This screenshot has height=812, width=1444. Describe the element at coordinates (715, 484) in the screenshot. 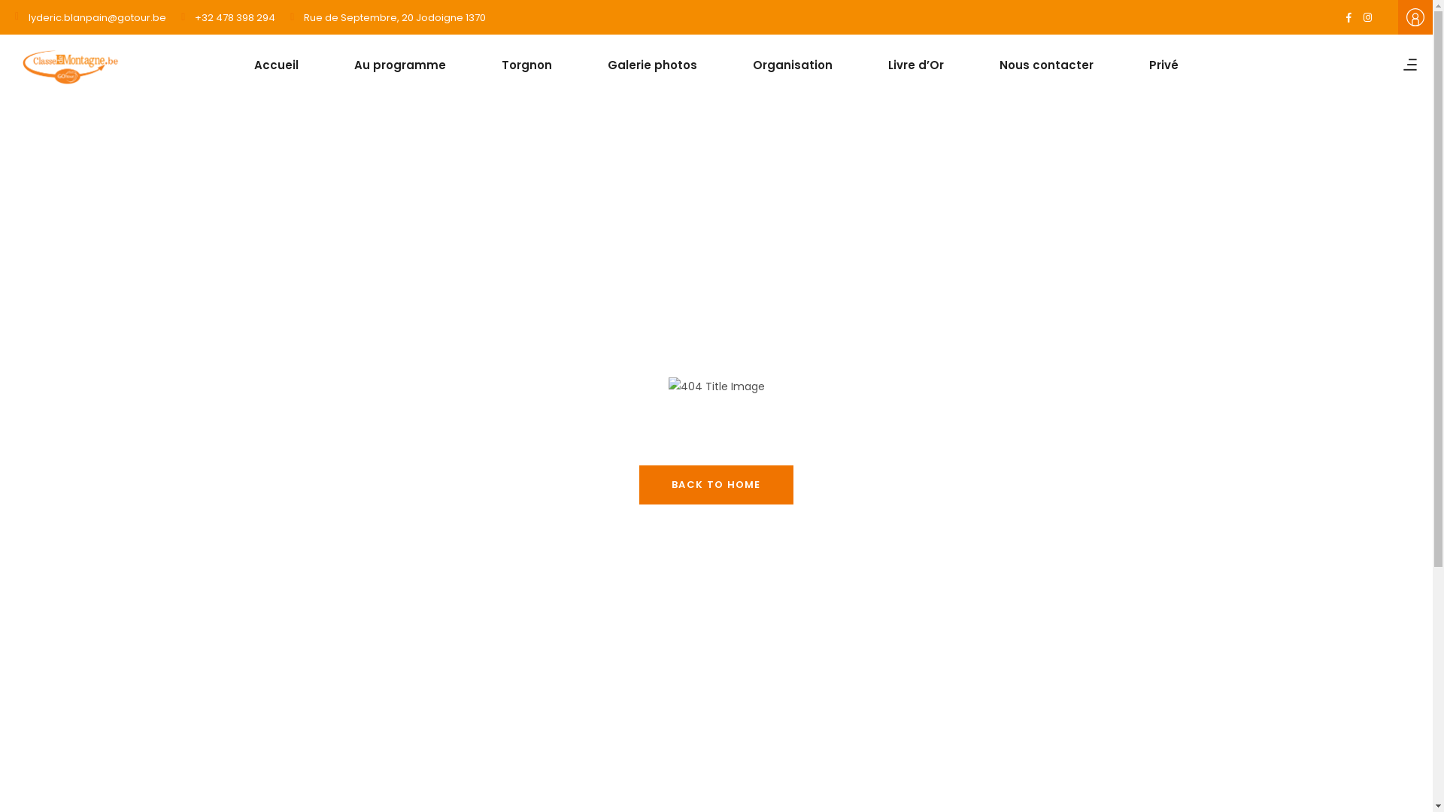

I see `'BACK TO HOME'` at that location.